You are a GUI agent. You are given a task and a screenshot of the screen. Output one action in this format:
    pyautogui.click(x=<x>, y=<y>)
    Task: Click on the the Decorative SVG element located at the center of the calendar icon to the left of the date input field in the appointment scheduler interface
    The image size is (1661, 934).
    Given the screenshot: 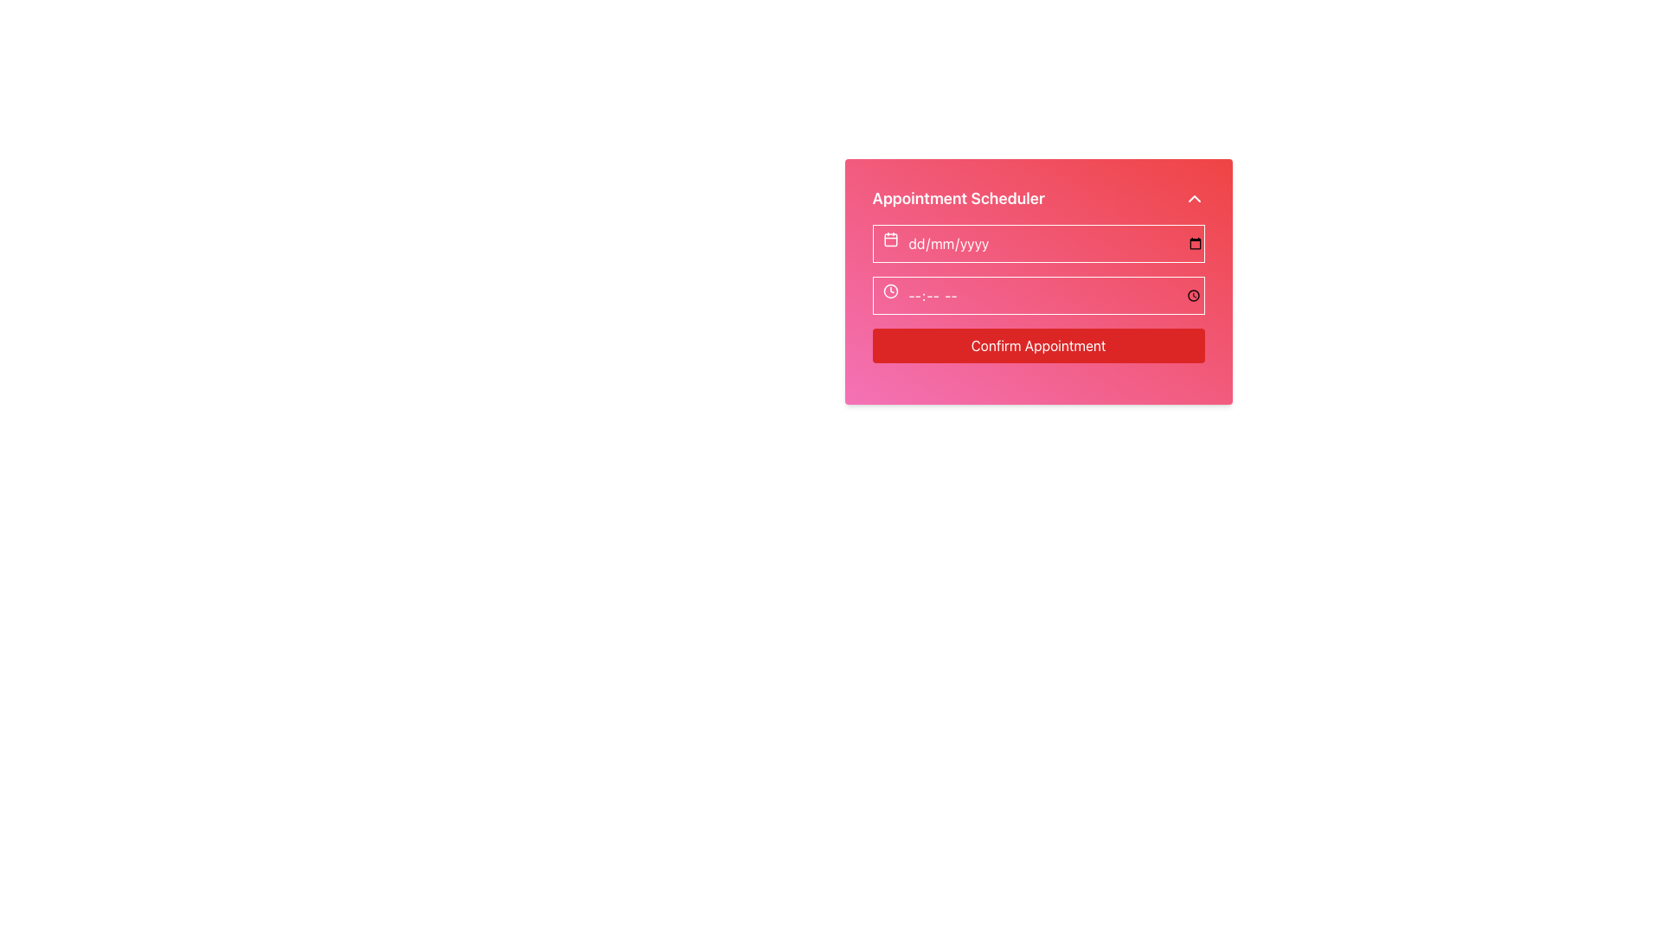 What is the action you would take?
    pyautogui.click(x=890, y=240)
    